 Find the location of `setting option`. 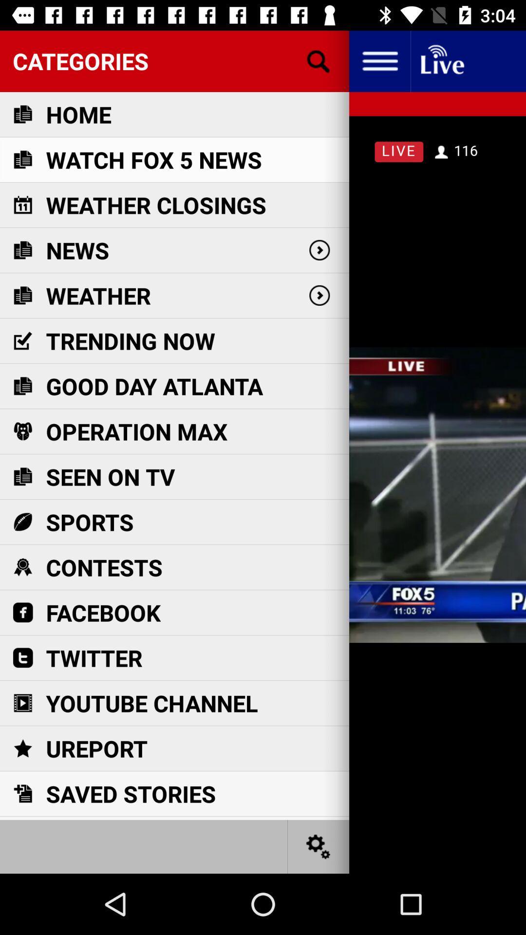

setting option is located at coordinates (319, 846).